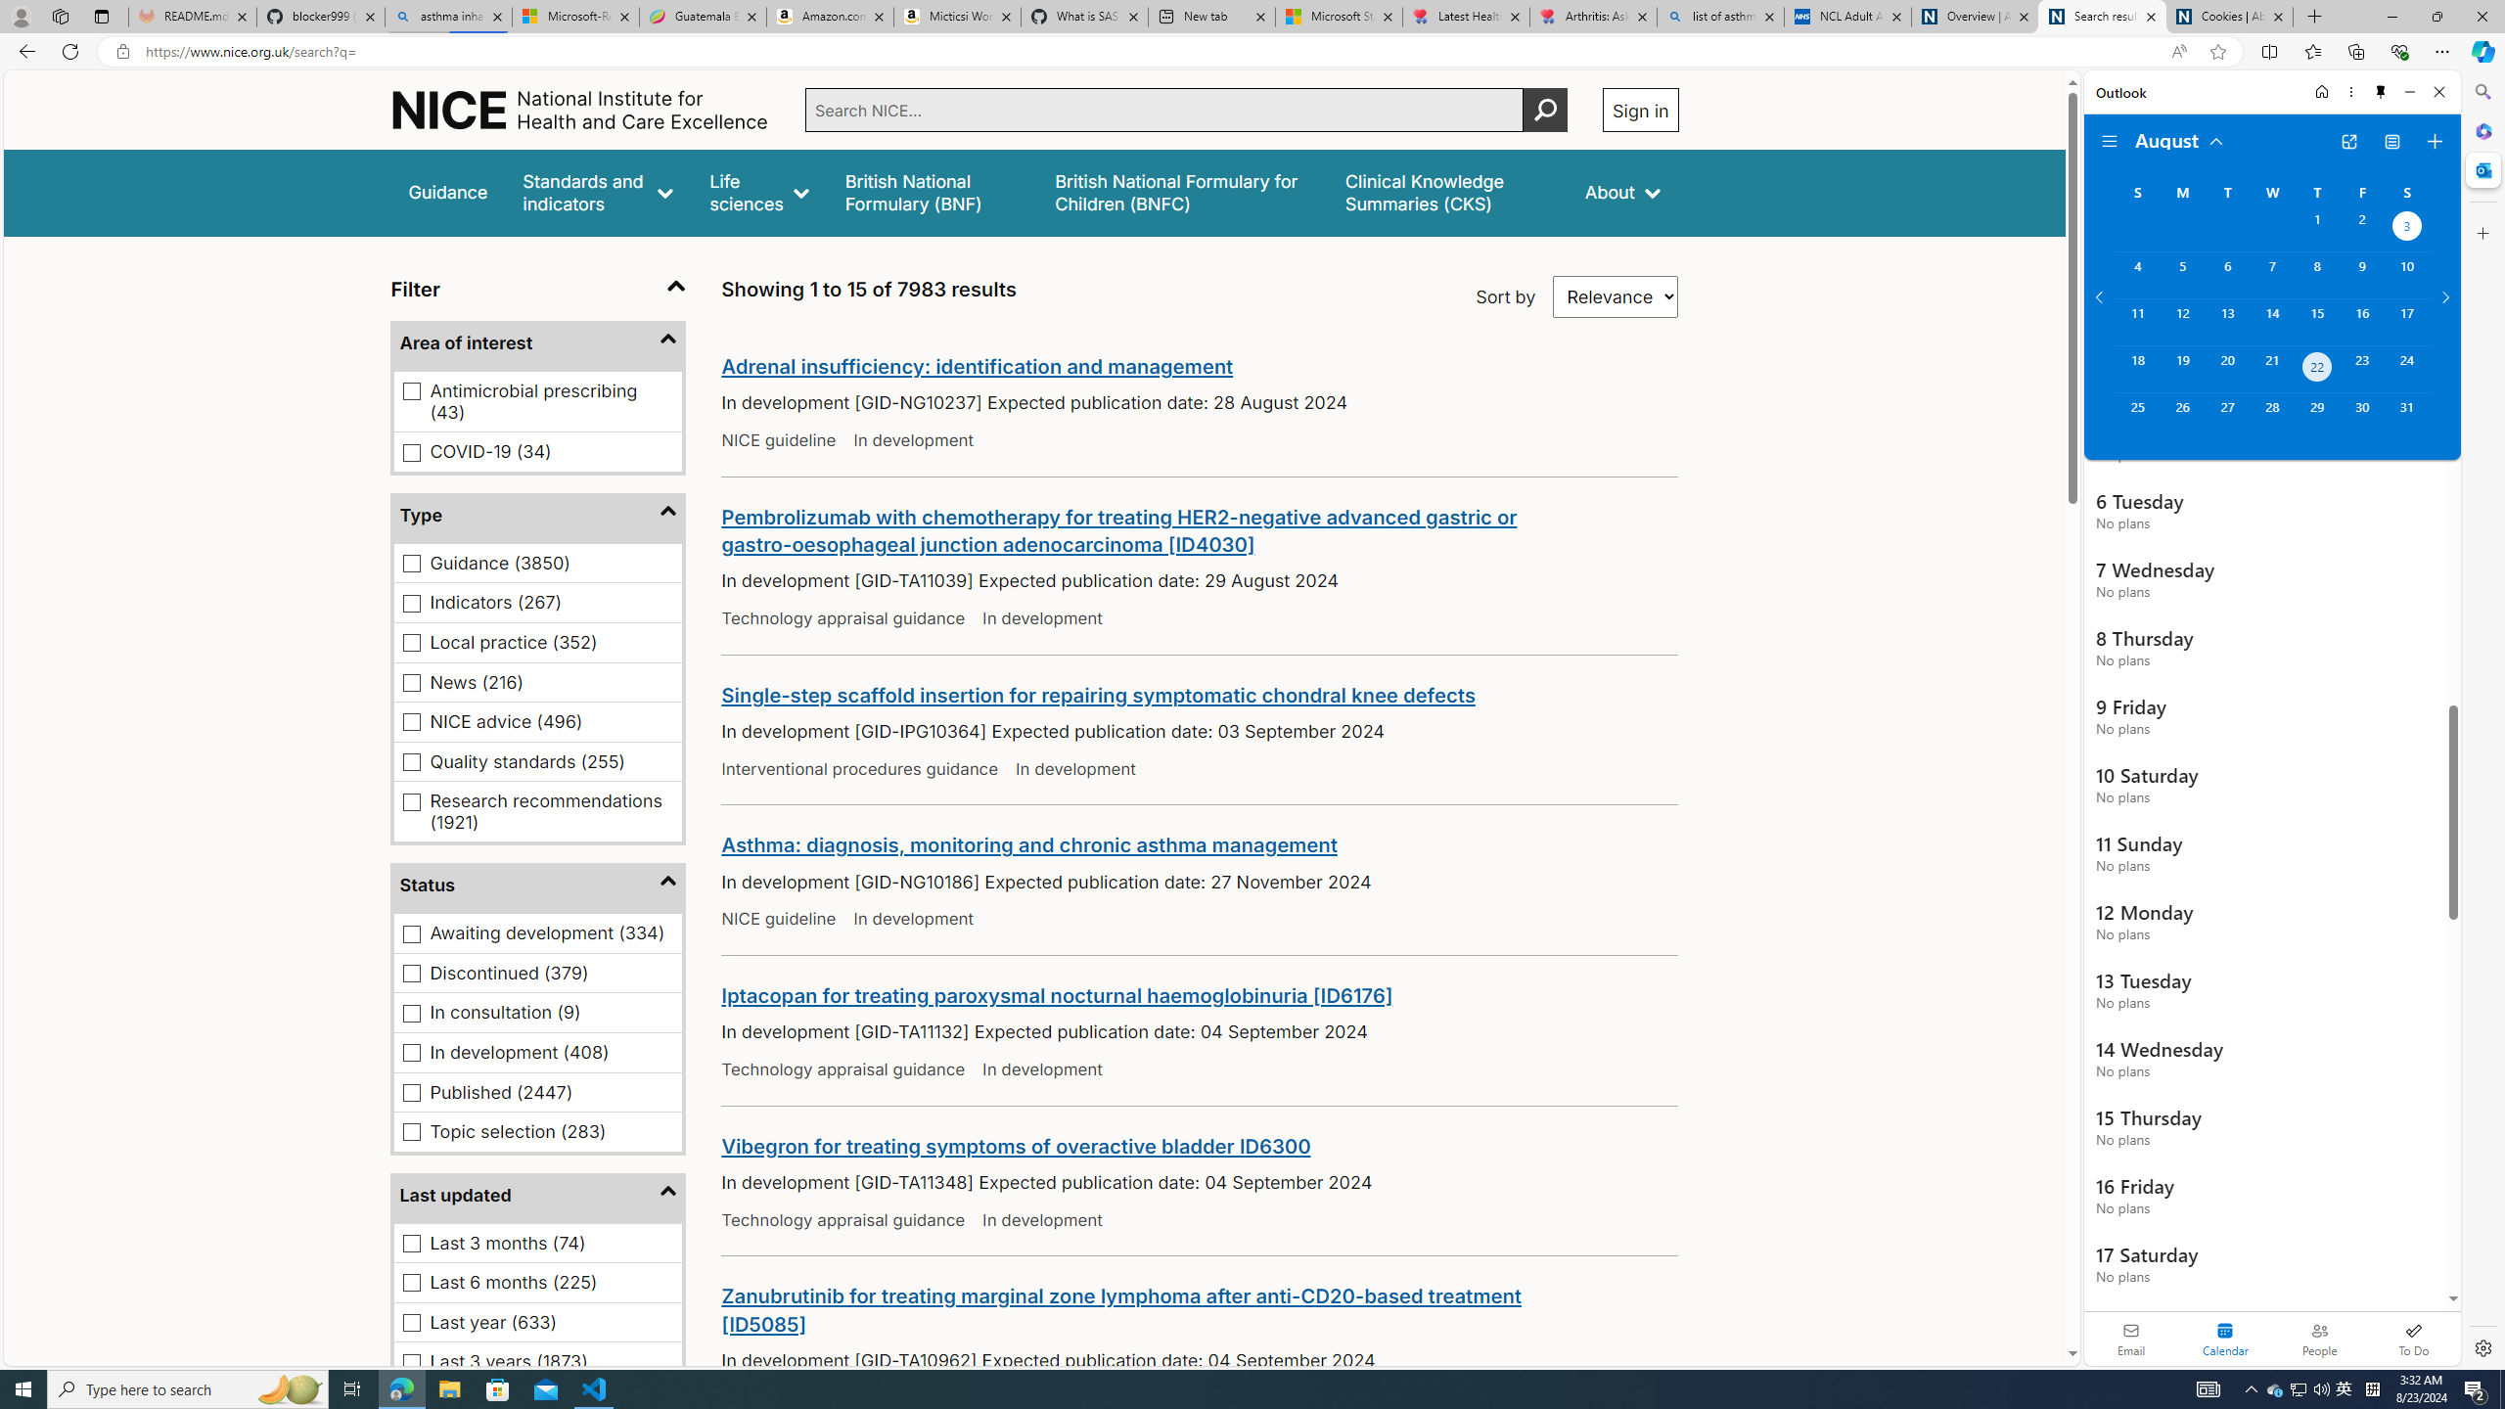 This screenshot has height=1409, width=2505. Describe the element at coordinates (1639, 109) in the screenshot. I see `'Sign in'` at that location.